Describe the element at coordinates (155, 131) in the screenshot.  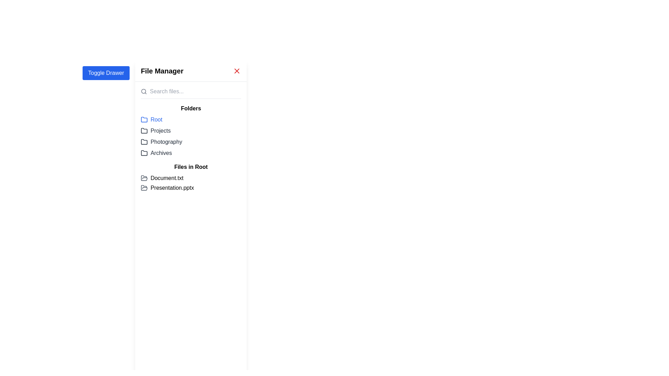
I see `the list item labeled 'Projects', which includes a folder icon and is the second item in the 'Folders' section of the File Manager` at that location.